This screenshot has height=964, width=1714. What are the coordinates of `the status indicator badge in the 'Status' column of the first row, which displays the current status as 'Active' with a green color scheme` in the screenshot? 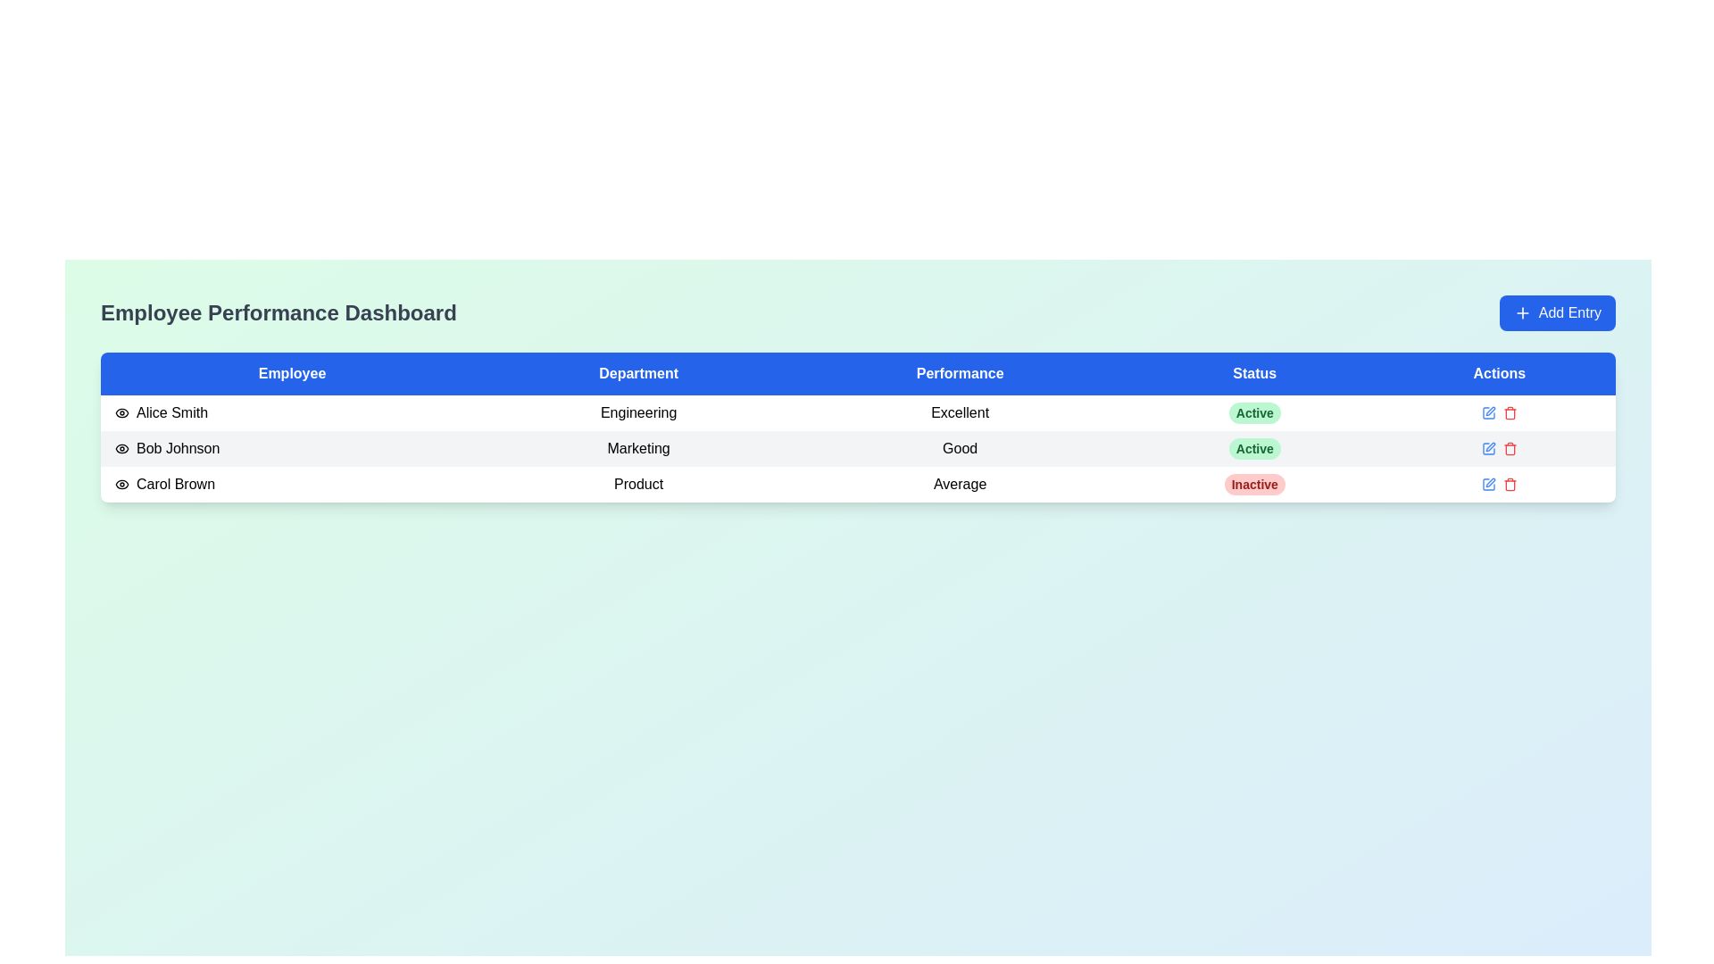 It's located at (1253, 412).